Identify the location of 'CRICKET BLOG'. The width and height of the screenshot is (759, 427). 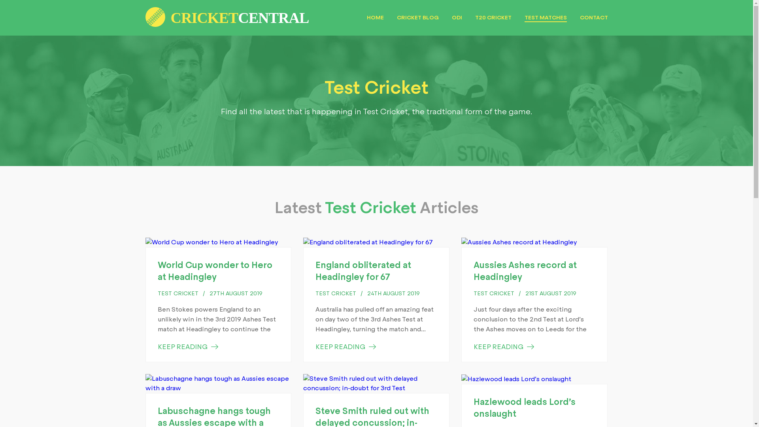
(396, 17).